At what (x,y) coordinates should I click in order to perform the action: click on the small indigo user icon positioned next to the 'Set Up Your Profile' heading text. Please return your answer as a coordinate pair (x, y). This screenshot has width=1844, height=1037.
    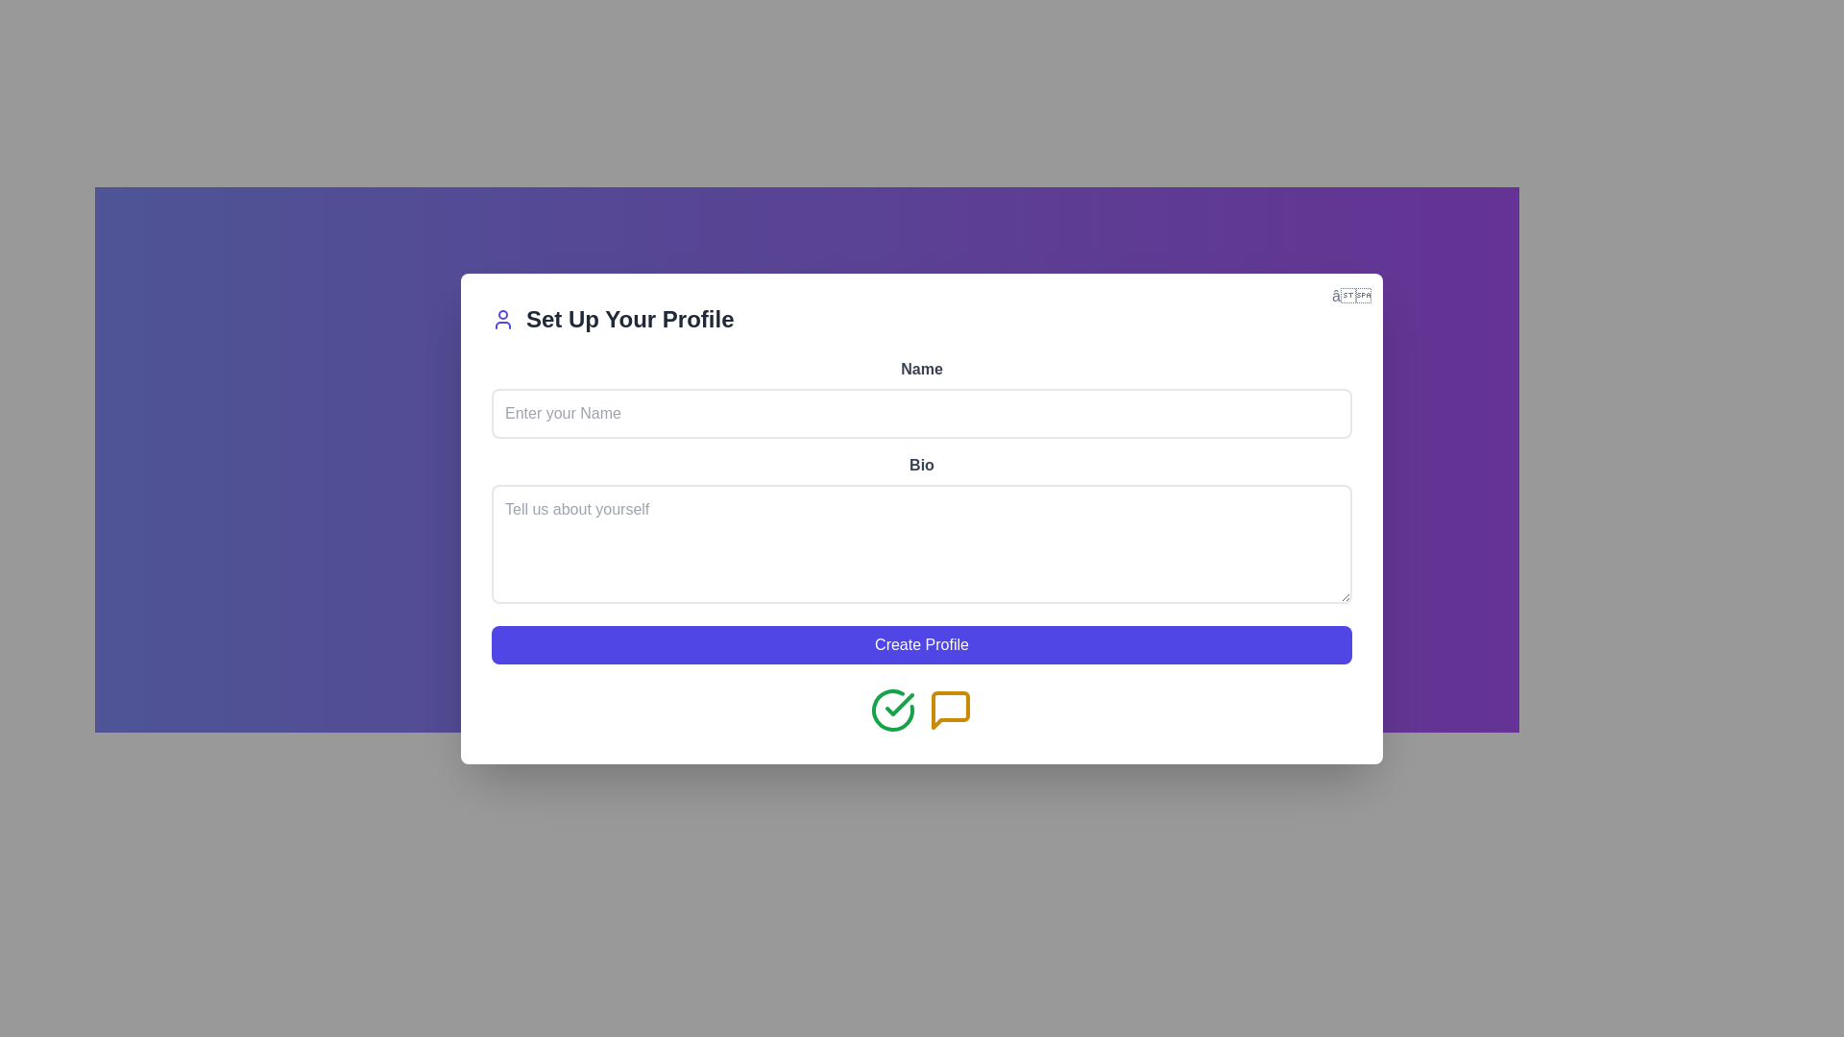
    Looking at the image, I should click on (502, 318).